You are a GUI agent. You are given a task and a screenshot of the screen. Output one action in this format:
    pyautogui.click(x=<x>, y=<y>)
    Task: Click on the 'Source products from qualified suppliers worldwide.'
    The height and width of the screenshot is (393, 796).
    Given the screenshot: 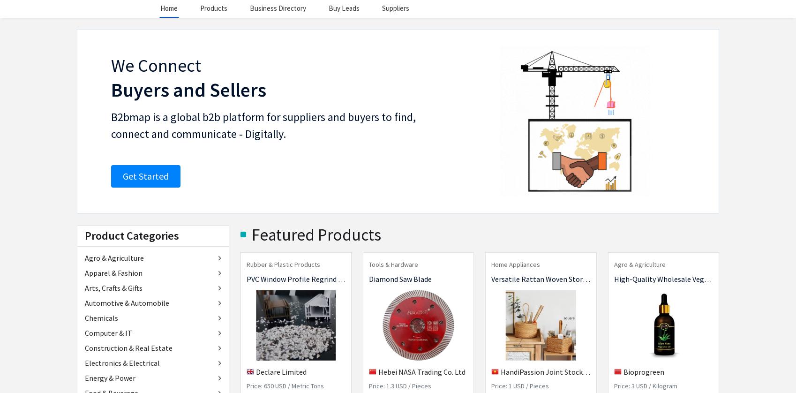 What is the action you would take?
    pyautogui.click(x=436, y=69)
    